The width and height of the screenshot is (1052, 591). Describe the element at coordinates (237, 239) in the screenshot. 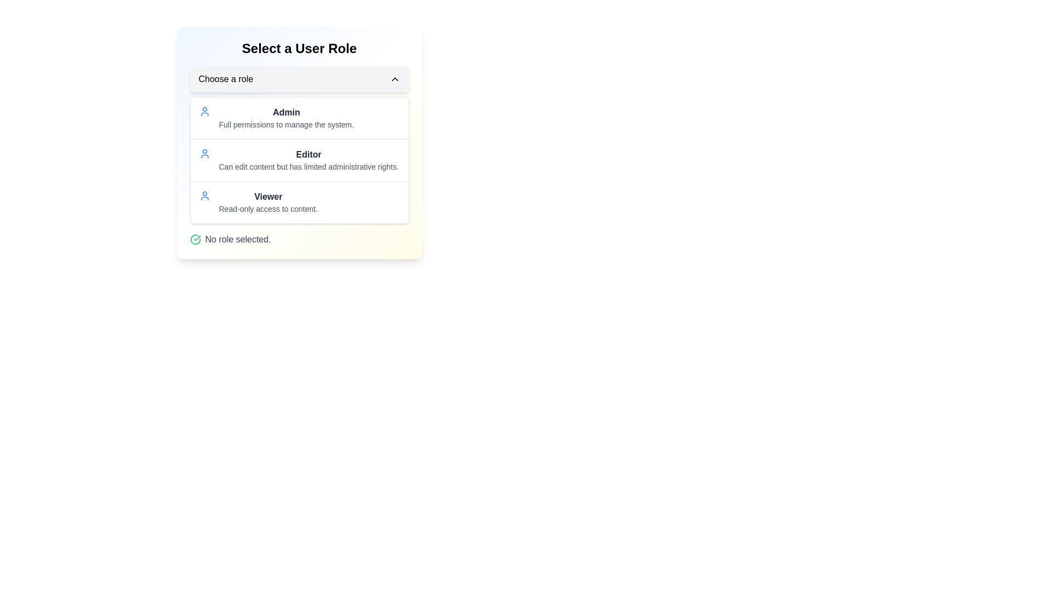

I see `text content of the label indicating that no role has been chosen, located at the bottom-left corner of the 'Select a User Role' section` at that location.